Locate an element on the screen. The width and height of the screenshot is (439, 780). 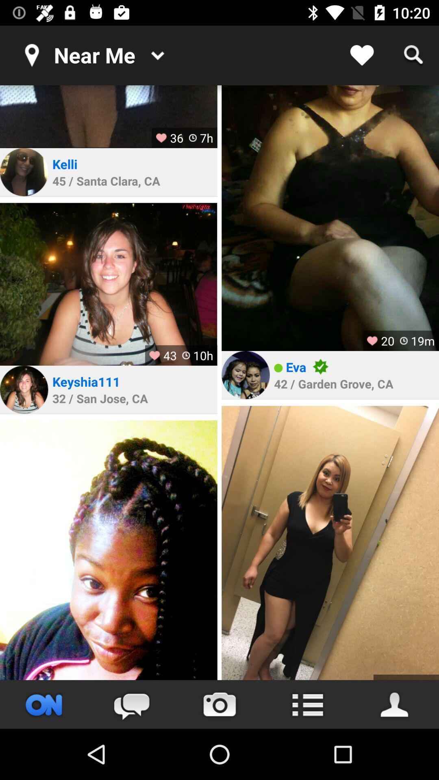
take a picture is located at coordinates (219, 704).